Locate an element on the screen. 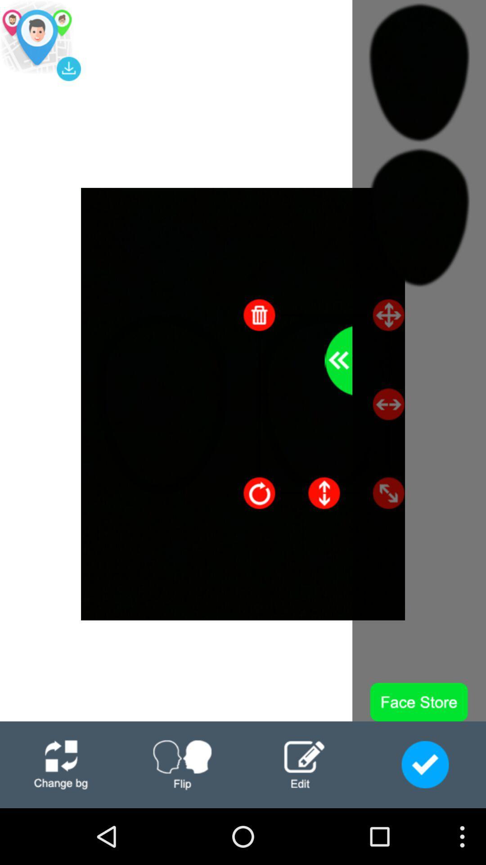 Image resolution: width=486 pixels, height=865 pixels. finished is located at coordinates (425, 764).